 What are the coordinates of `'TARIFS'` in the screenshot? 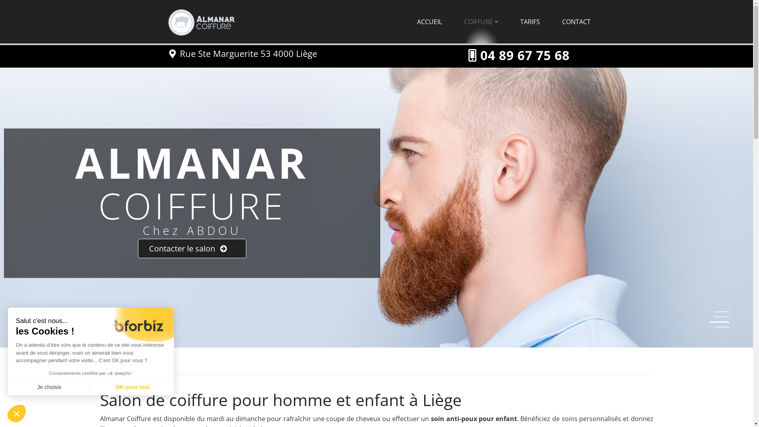 It's located at (530, 21).